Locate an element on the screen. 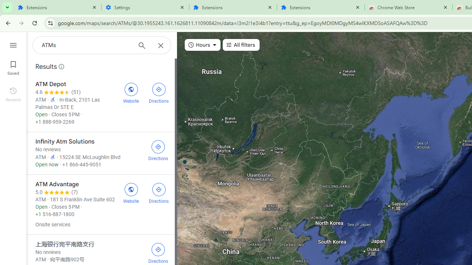 This screenshot has height=265, width=472. 'AutomationID: searchboxinput' is located at coordinates (86, 45).